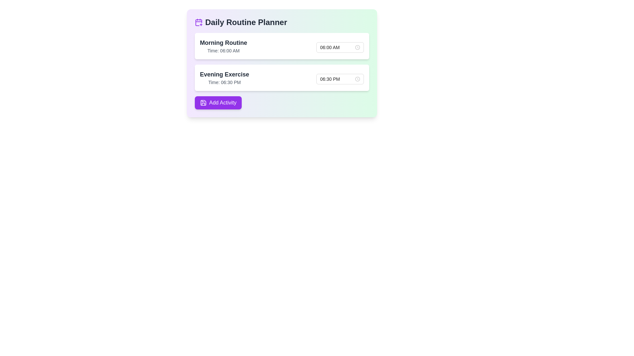  What do you see at coordinates (340, 47) in the screenshot?
I see `the Time picker field located in the 'Morning Routine' section of the daily planner interface` at bounding box center [340, 47].